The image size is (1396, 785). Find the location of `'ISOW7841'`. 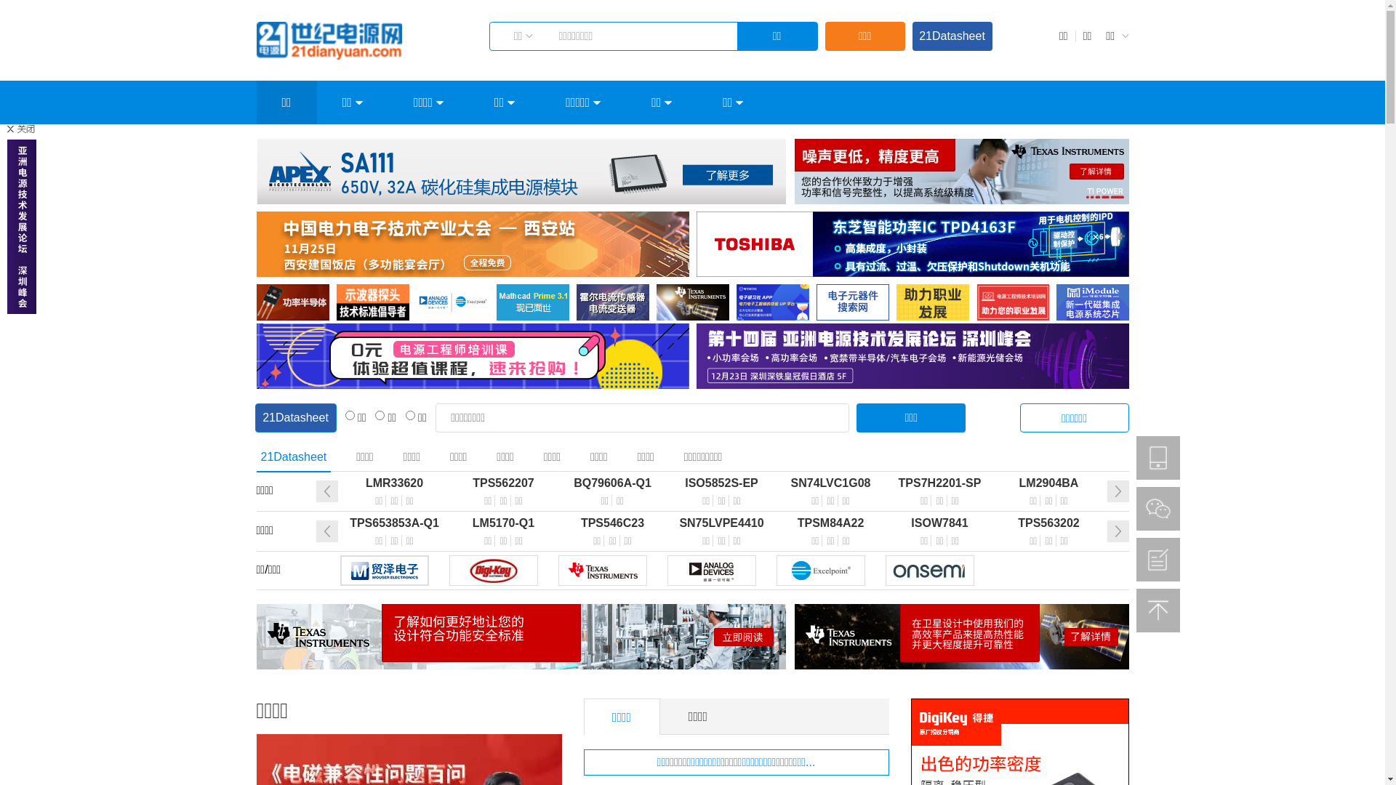

'ISOW7841' is located at coordinates (885, 523).